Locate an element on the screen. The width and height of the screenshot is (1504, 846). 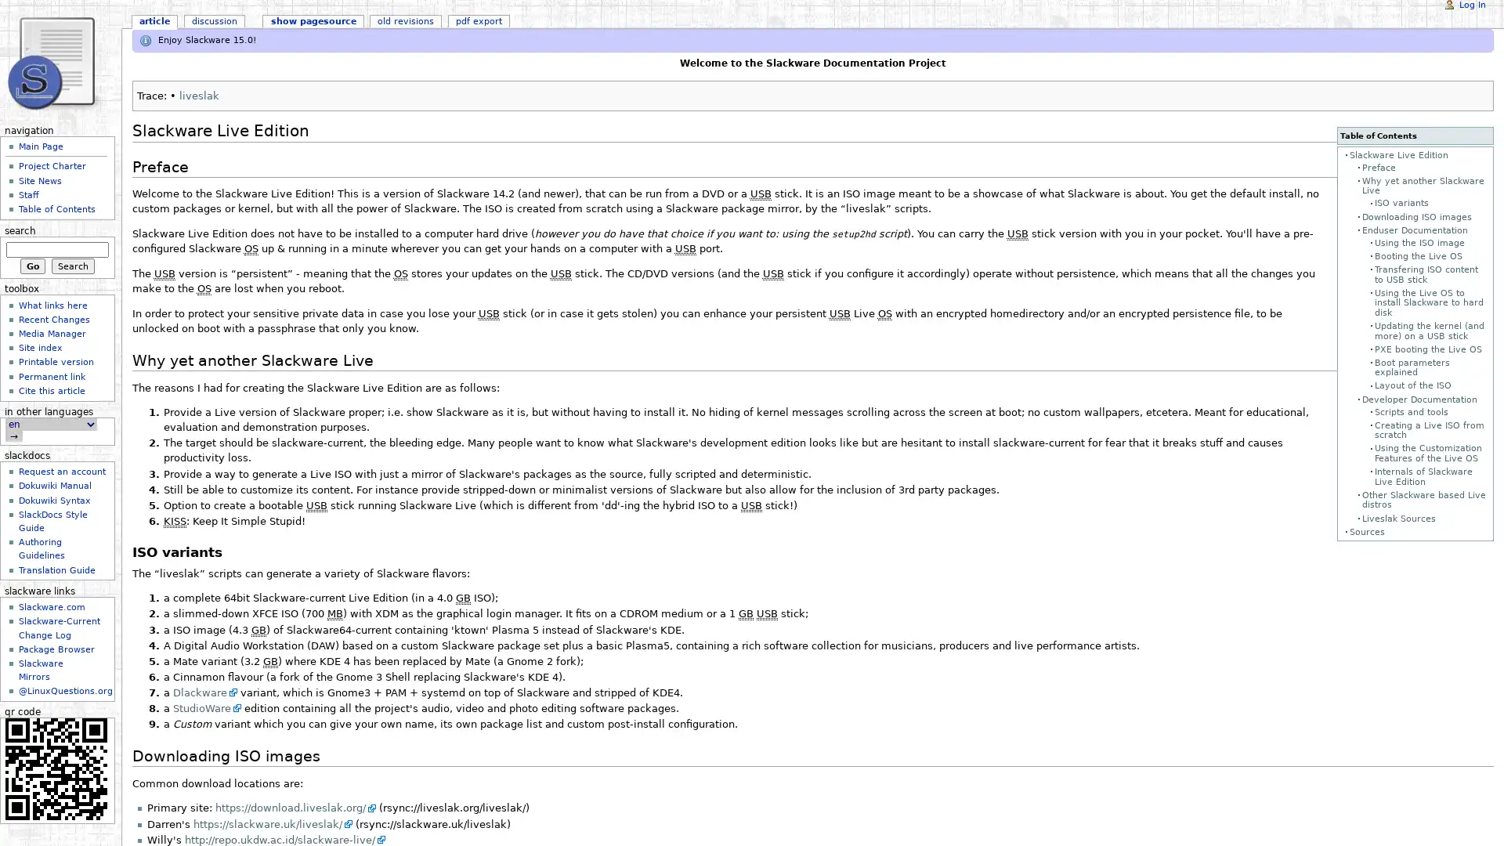
Search is located at coordinates (72, 265).